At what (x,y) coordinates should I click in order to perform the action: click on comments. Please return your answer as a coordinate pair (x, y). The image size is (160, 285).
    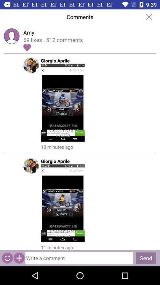
    Looking at the image, I should click on (149, 17).